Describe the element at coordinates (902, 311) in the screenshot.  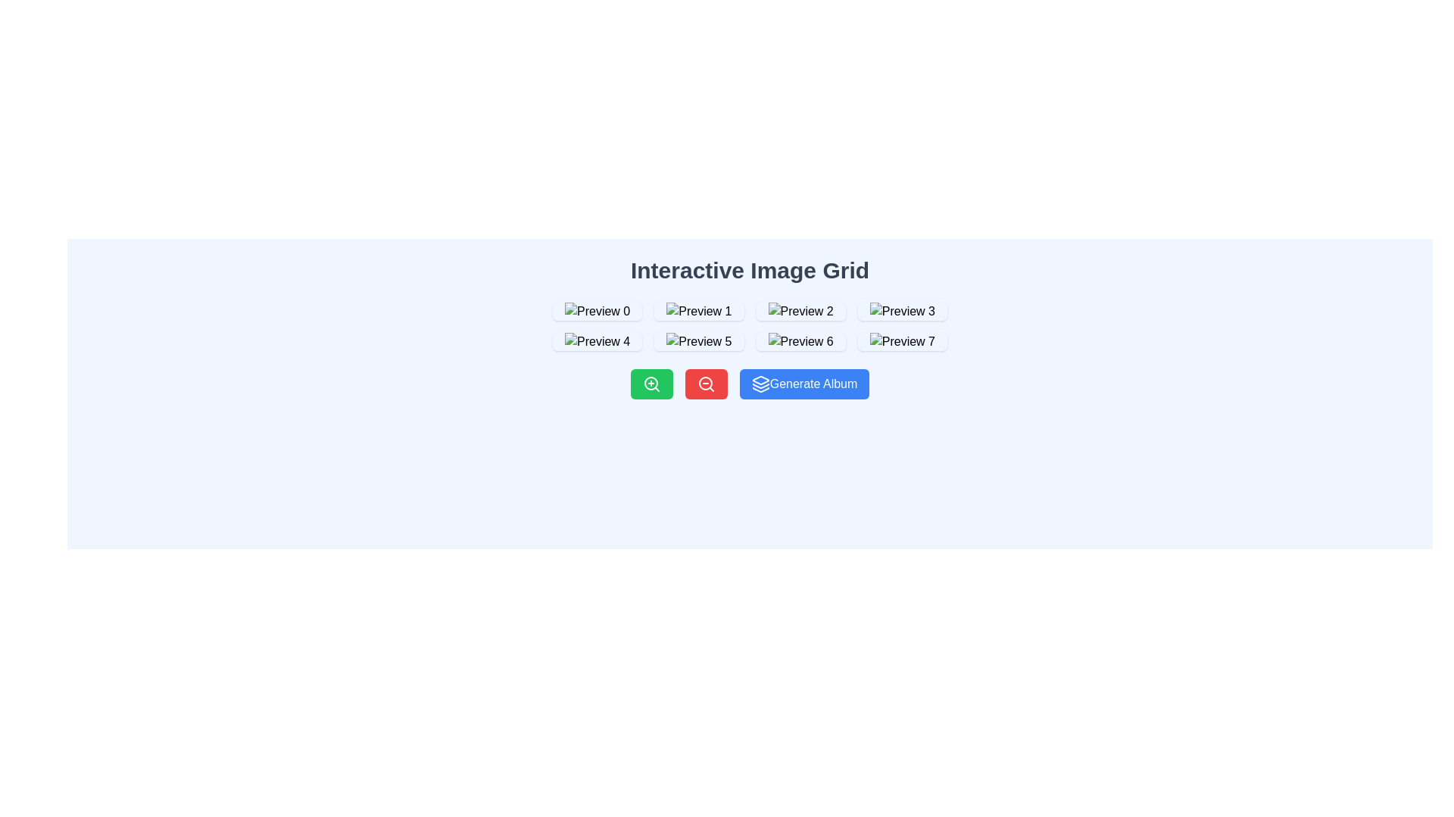
I see `the Image preview element labeled 'Preview 3', which is a small rectangular area with rounded corners and shadow styling, from its current position` at that location.